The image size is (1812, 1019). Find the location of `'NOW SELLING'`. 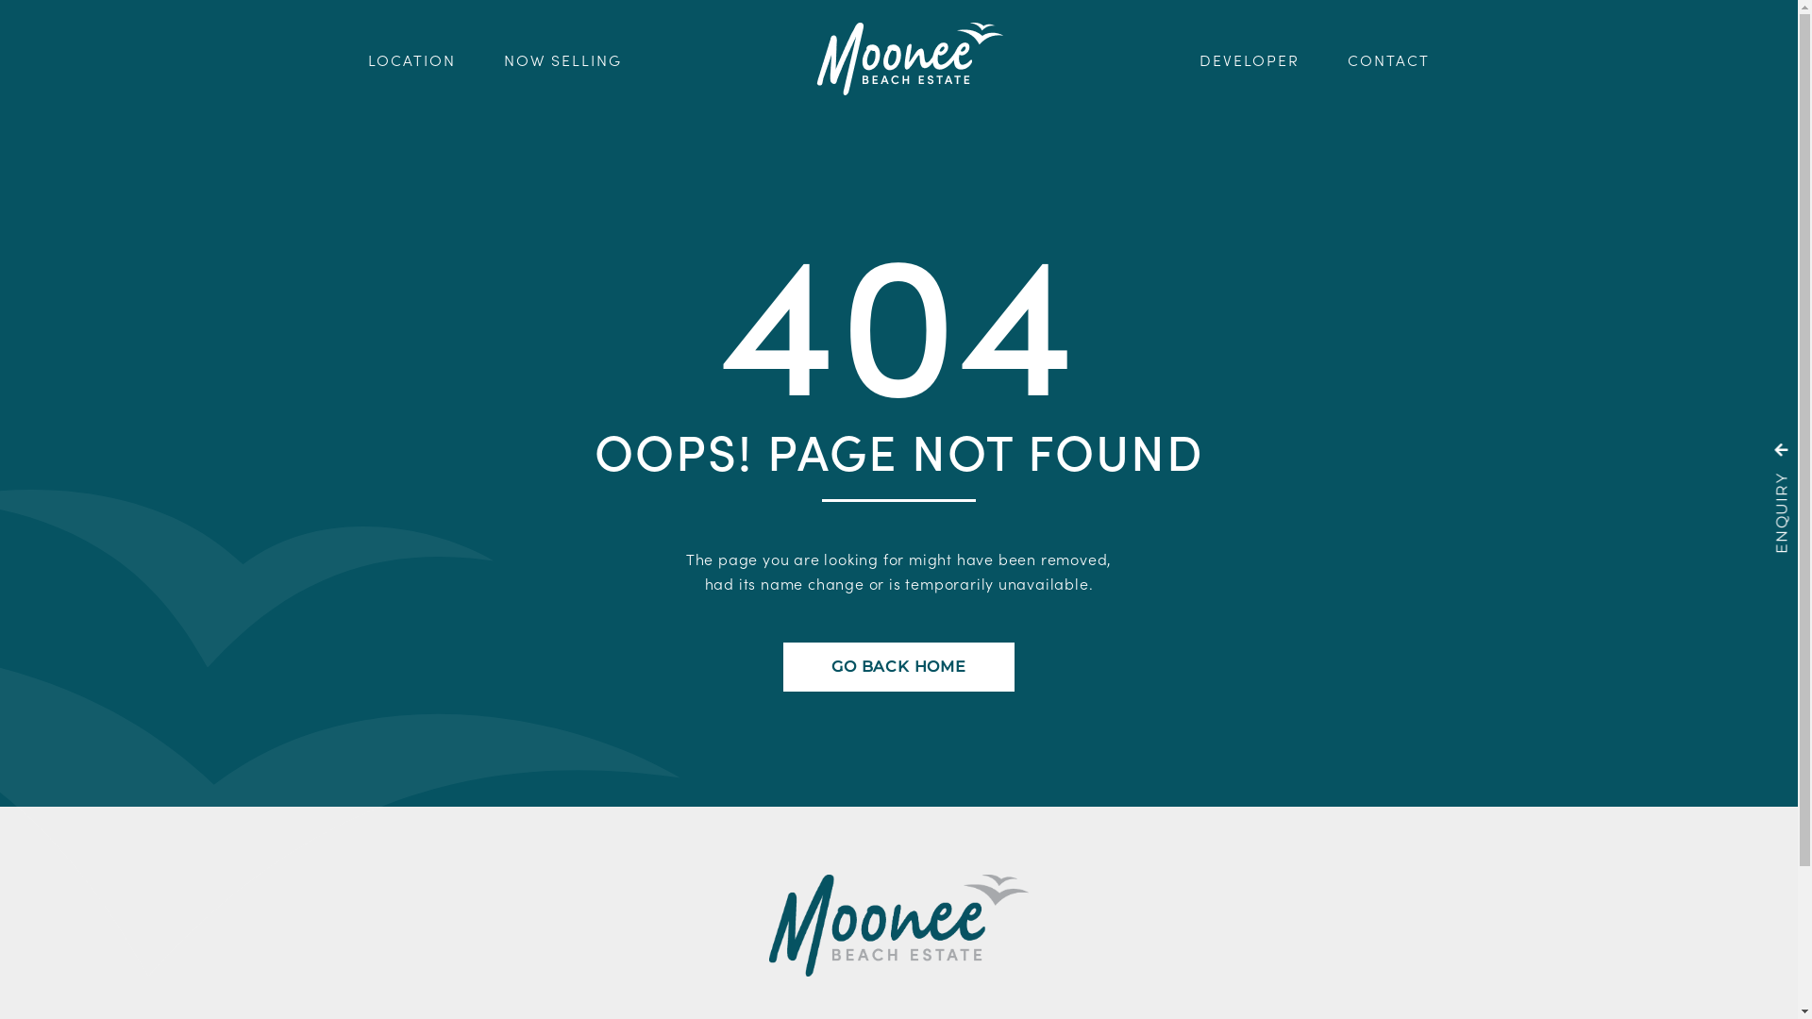

'NOW SELLING' is located at coordinates (562, 57).